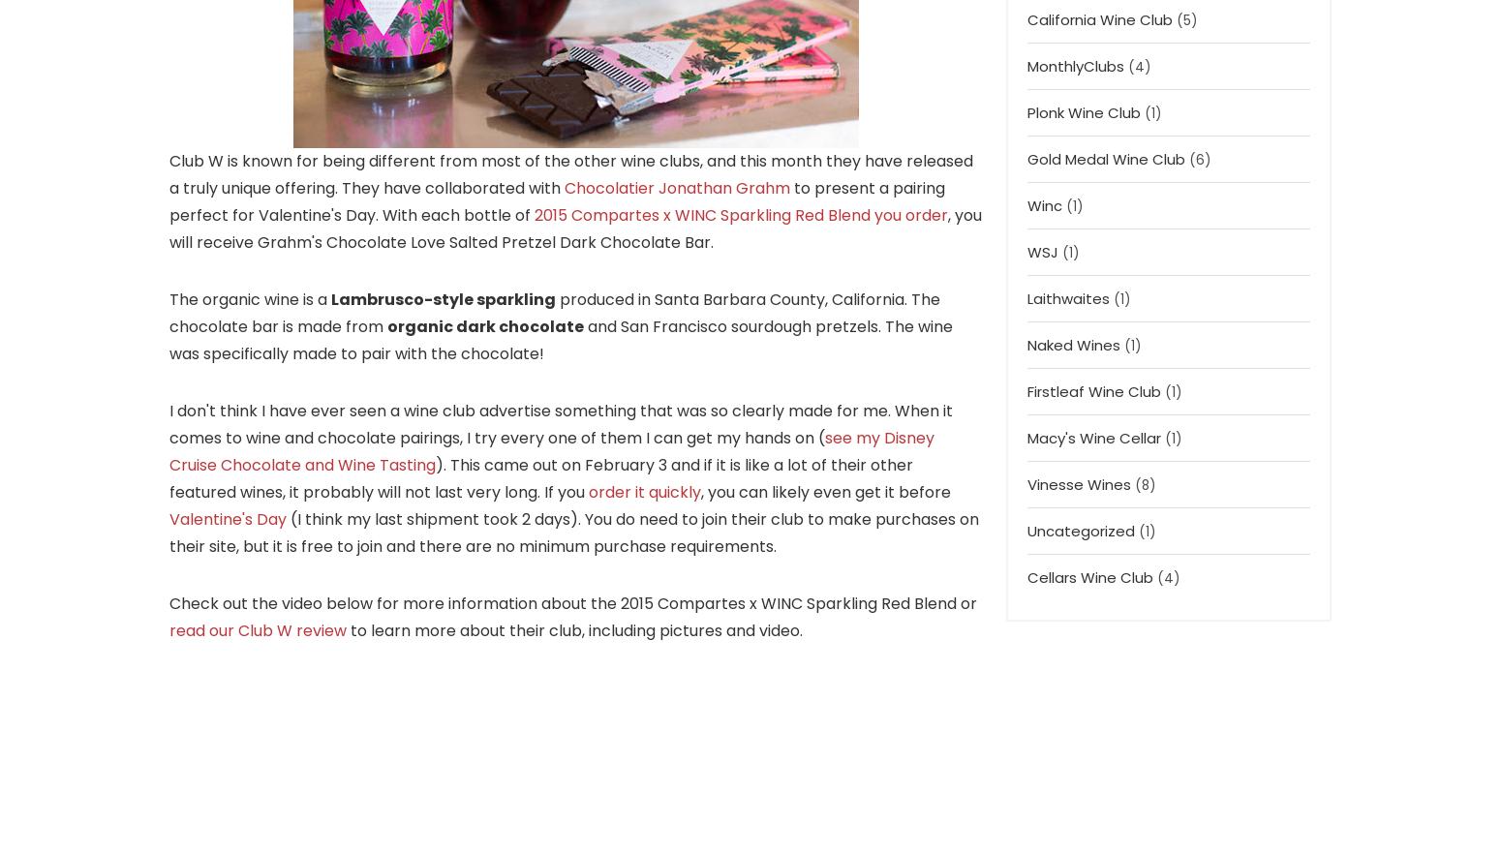 The width and height of the screenshot is (1501, 854). I want to click on '(5)', so click(1177, 19).